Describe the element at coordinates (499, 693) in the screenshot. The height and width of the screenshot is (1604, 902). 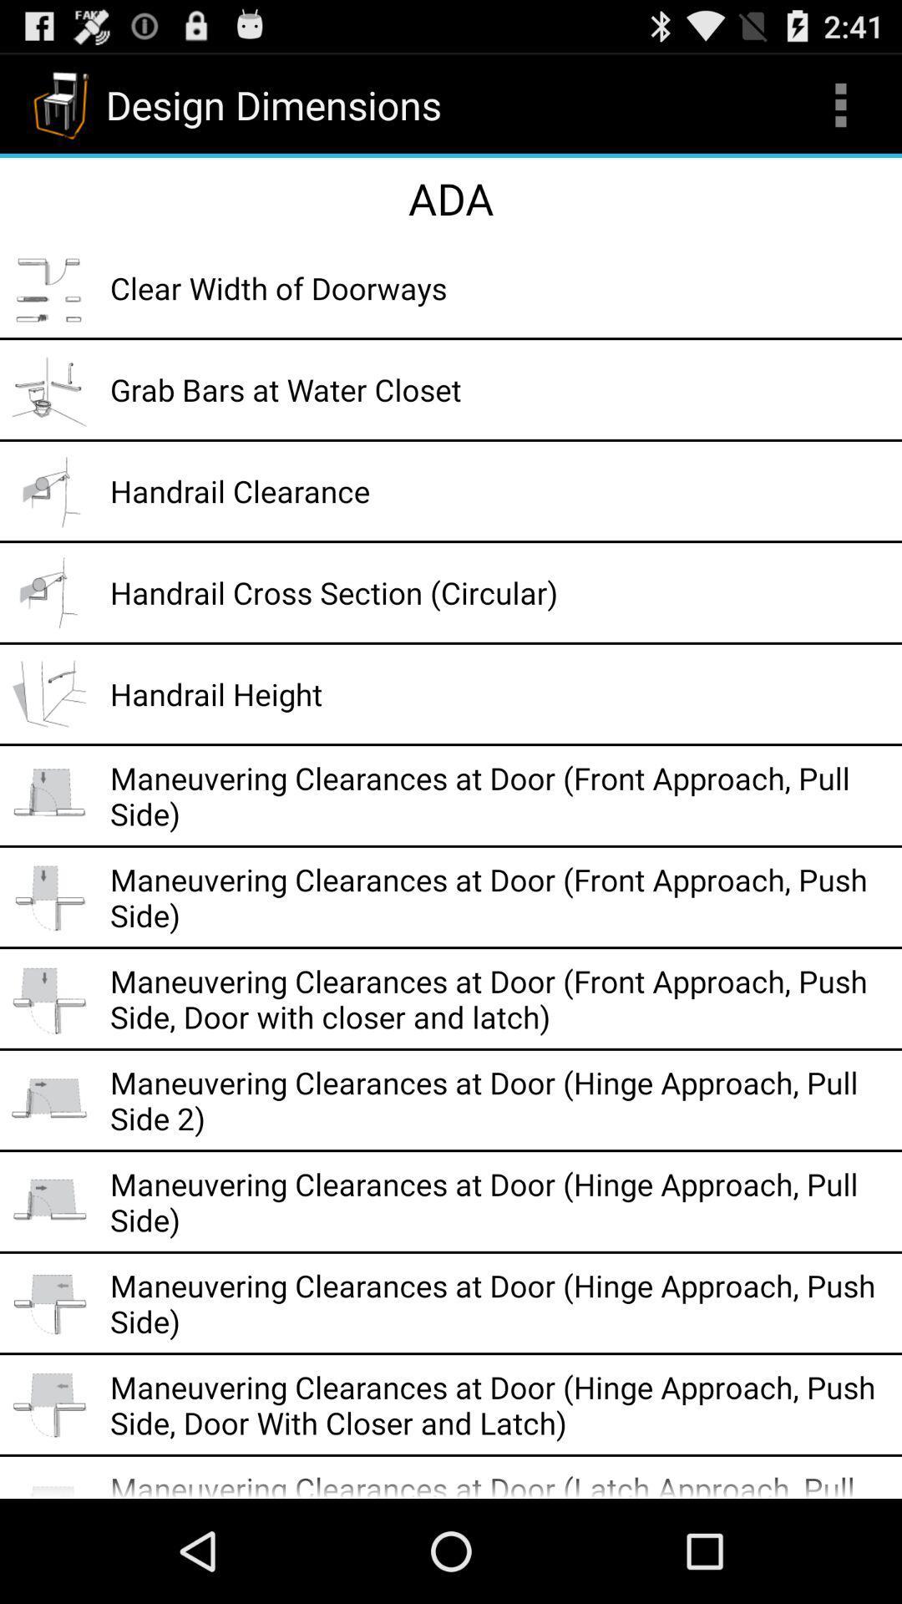
I see `handrail height` at that location.